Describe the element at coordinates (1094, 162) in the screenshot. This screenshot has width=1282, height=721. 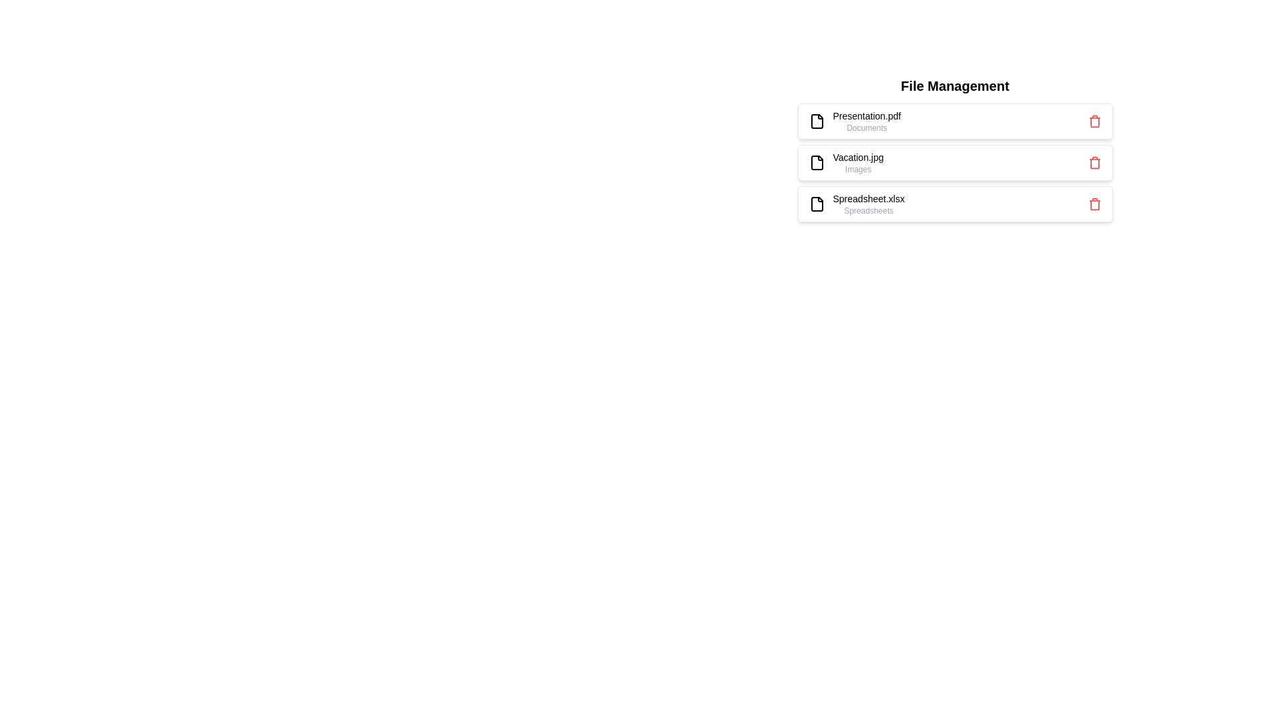
I see `delete button for the file named Vacation.jpg` at that location.